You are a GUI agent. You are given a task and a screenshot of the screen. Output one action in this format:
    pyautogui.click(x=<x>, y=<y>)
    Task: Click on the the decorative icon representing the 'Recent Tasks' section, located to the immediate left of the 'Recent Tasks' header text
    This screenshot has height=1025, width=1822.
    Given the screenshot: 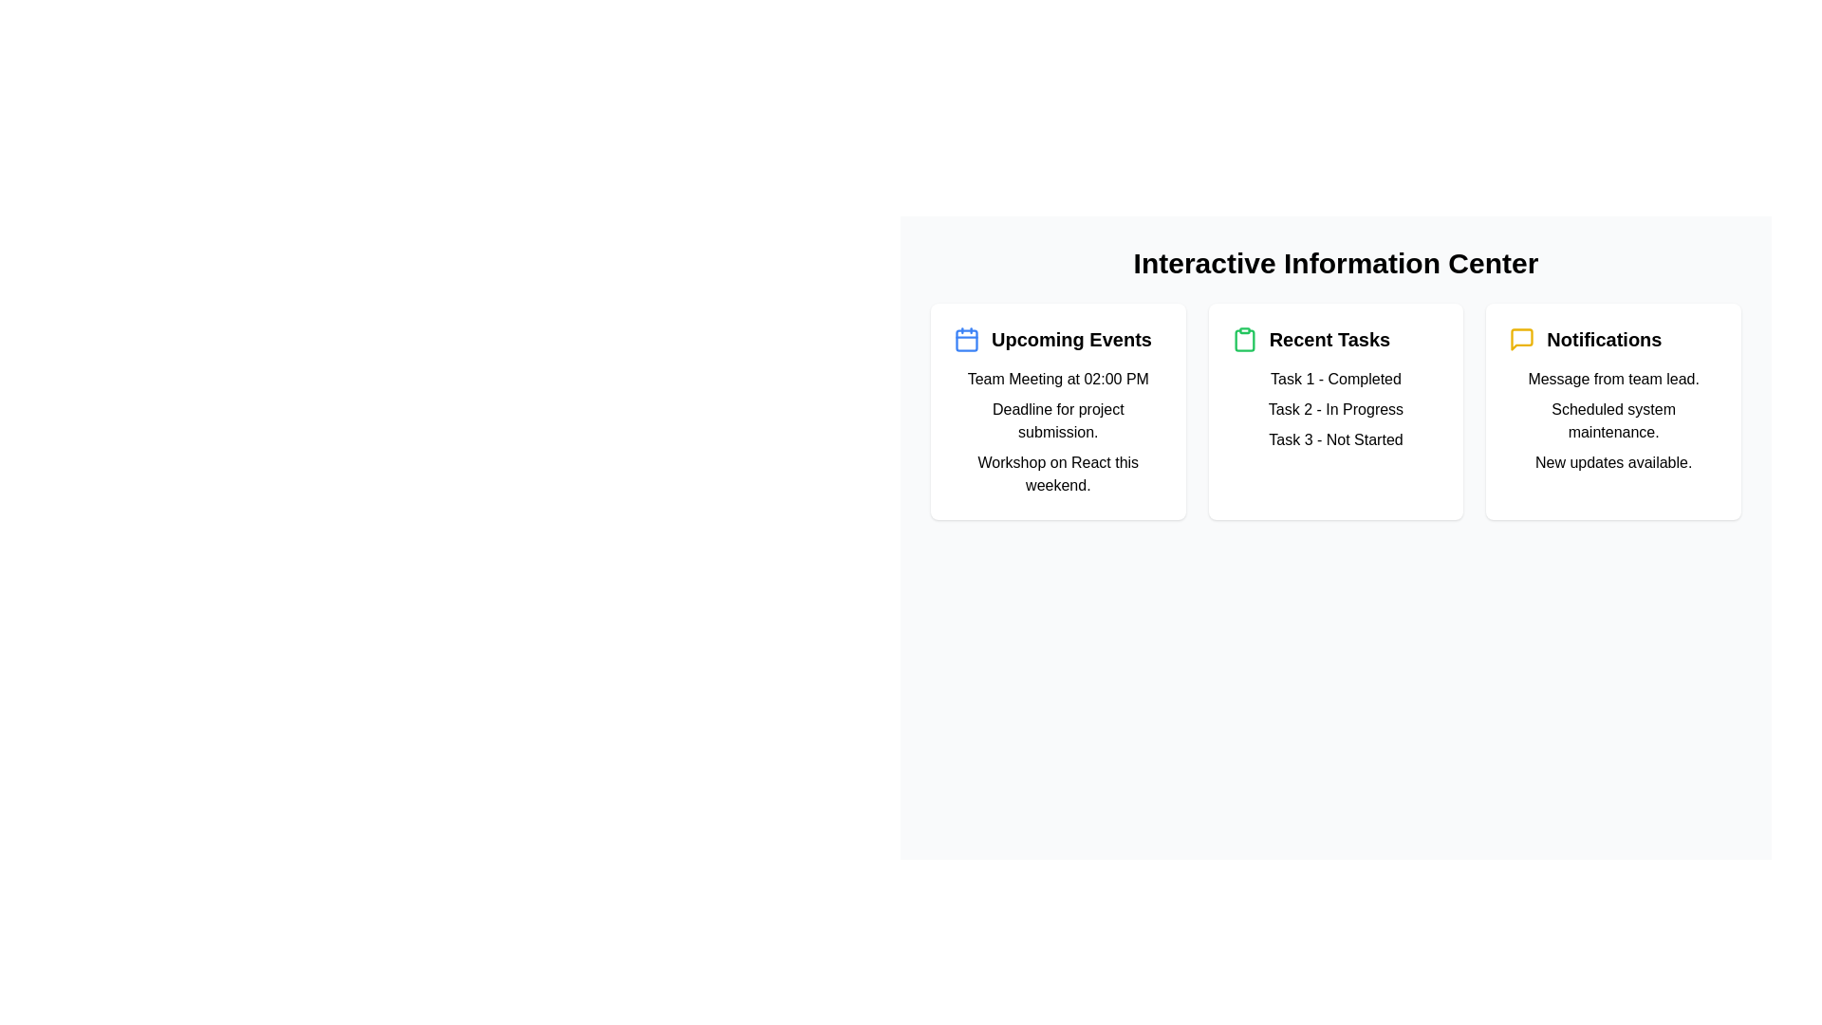 What is the action you would take?
    pyautogui.click(x=1244, y=339)
    